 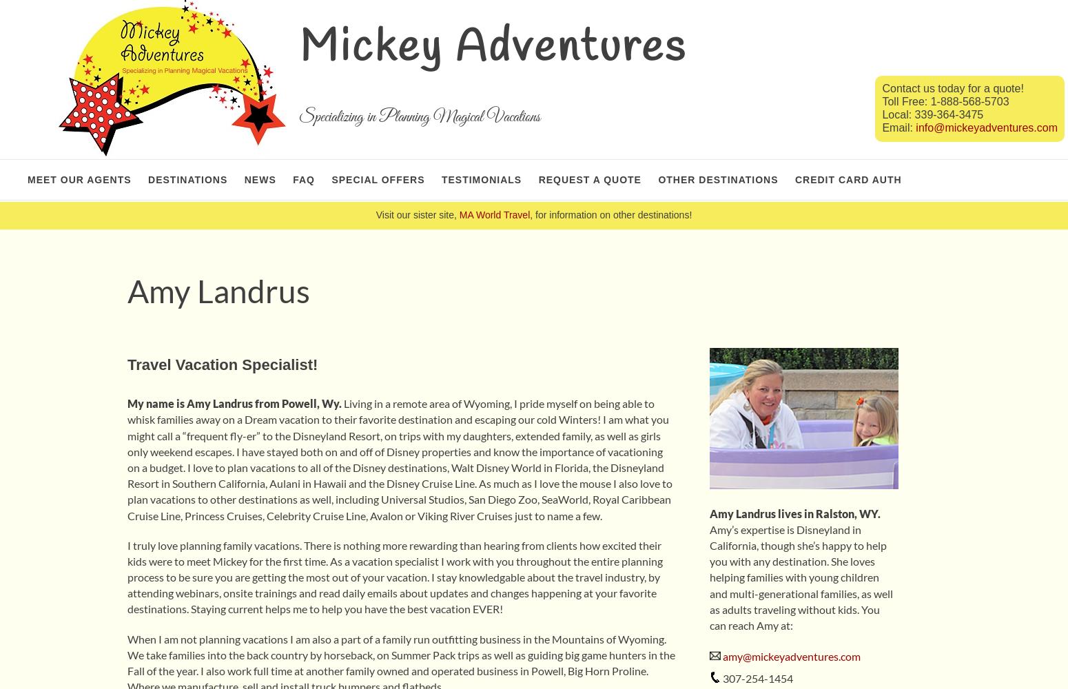 I want to click on ', for information on other destinations!', so click(x=610, y=215).